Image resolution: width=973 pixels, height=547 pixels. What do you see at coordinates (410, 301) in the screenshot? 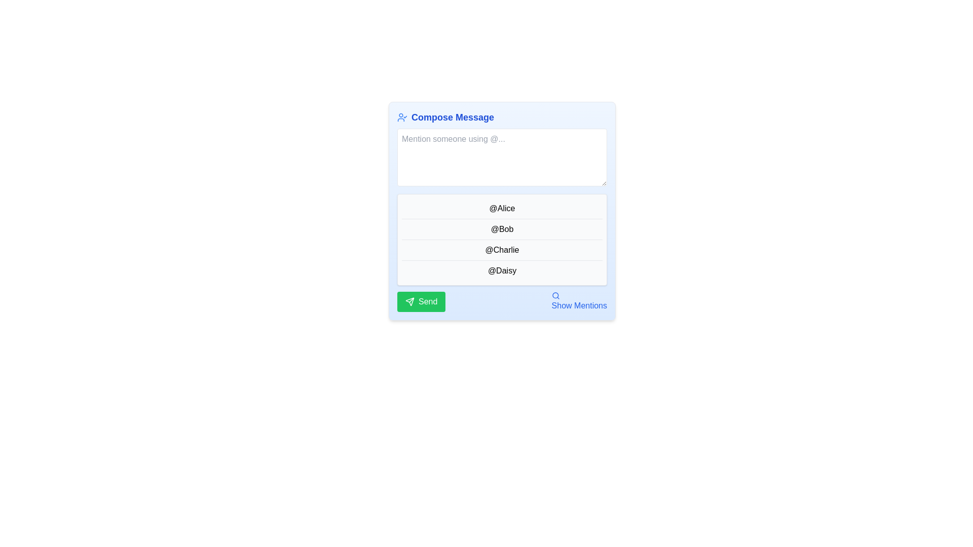
I see `the green 'Send' button which contains the decorative icon symbolizing the sending functionality, located at the bottom-left of the UI` at bounding box center [410, 301].